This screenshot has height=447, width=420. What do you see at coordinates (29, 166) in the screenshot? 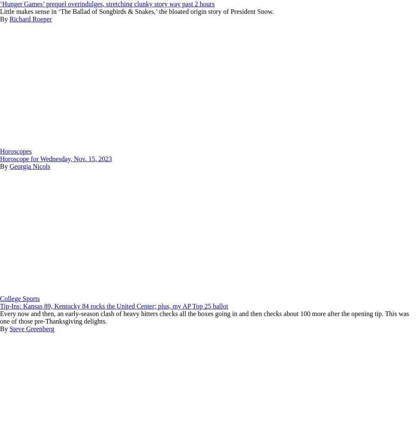
I see `'Georgia Nicols'` at bounding box center [29, 166].